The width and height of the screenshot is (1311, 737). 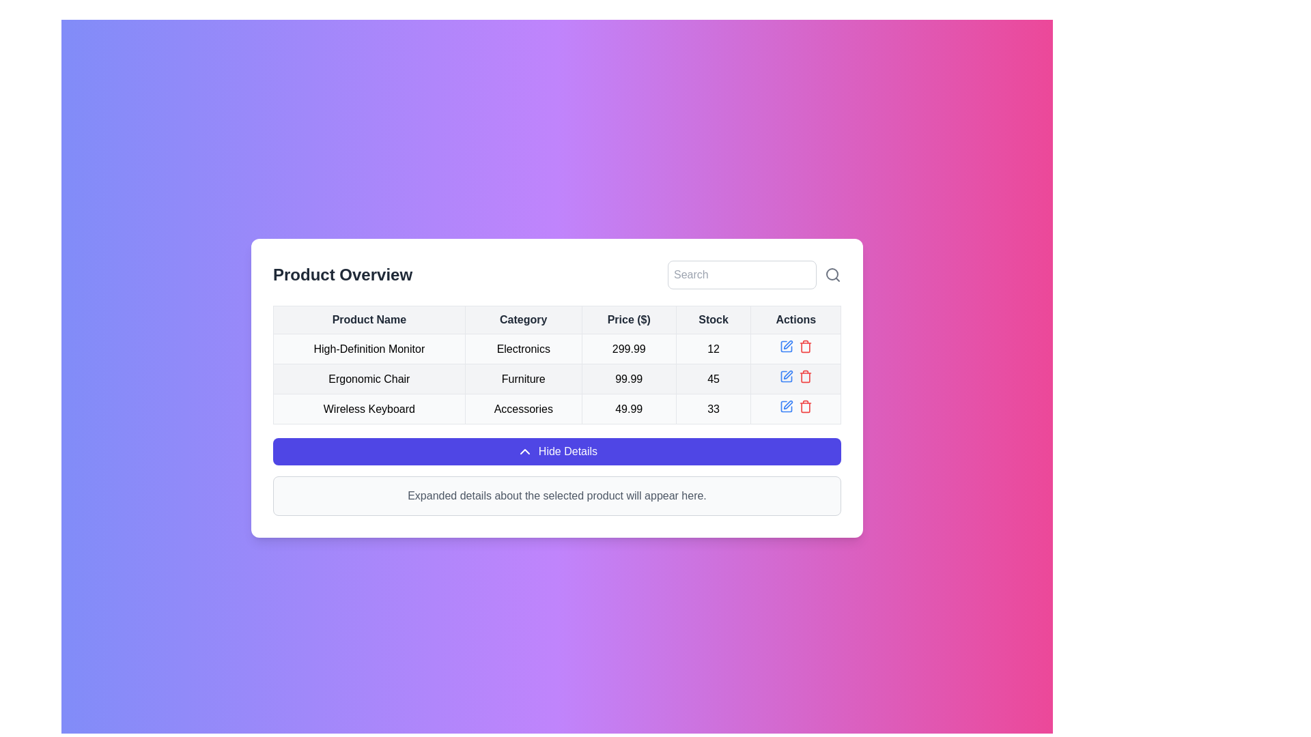 I want to click on price value displayed in bold font within the rectangular box in the 'Price ($)' column of the 'Product Overview' section for the 'Ergonomic Chair', so click(x=628, y=379).